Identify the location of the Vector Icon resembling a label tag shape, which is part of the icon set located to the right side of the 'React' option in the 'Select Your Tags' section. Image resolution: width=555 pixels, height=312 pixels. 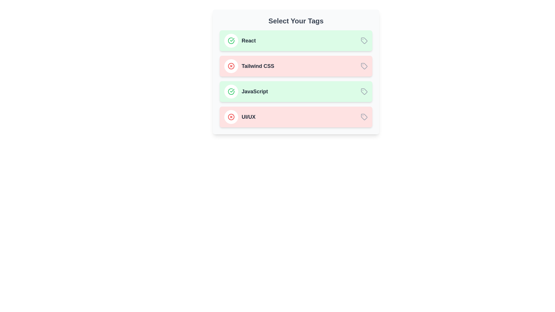
(364, 40).